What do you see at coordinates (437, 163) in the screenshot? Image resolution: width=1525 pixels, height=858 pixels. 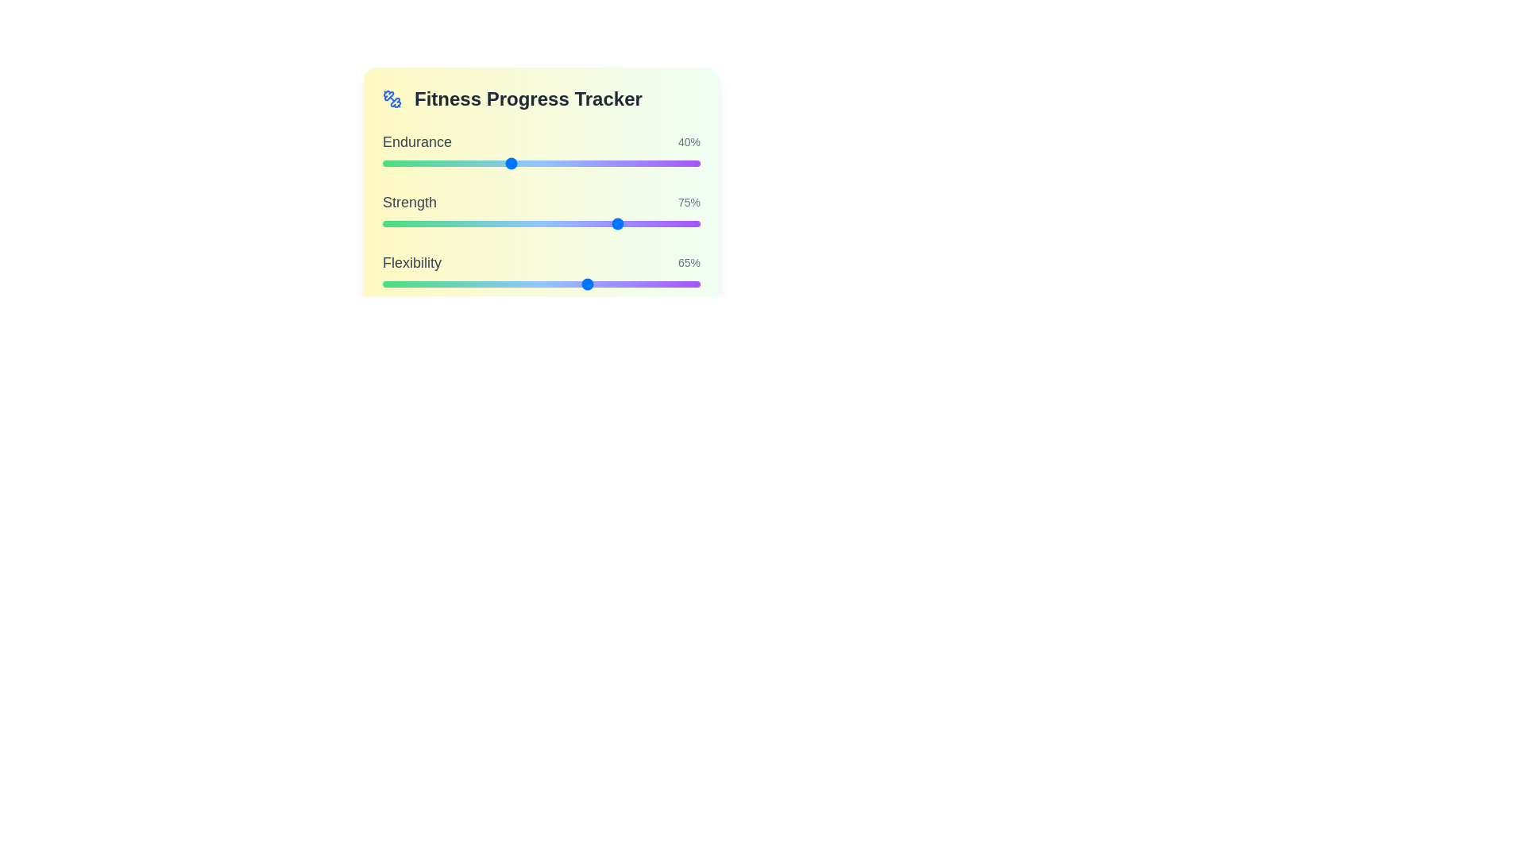 I see `endurance` at bounding box center [437, 163].